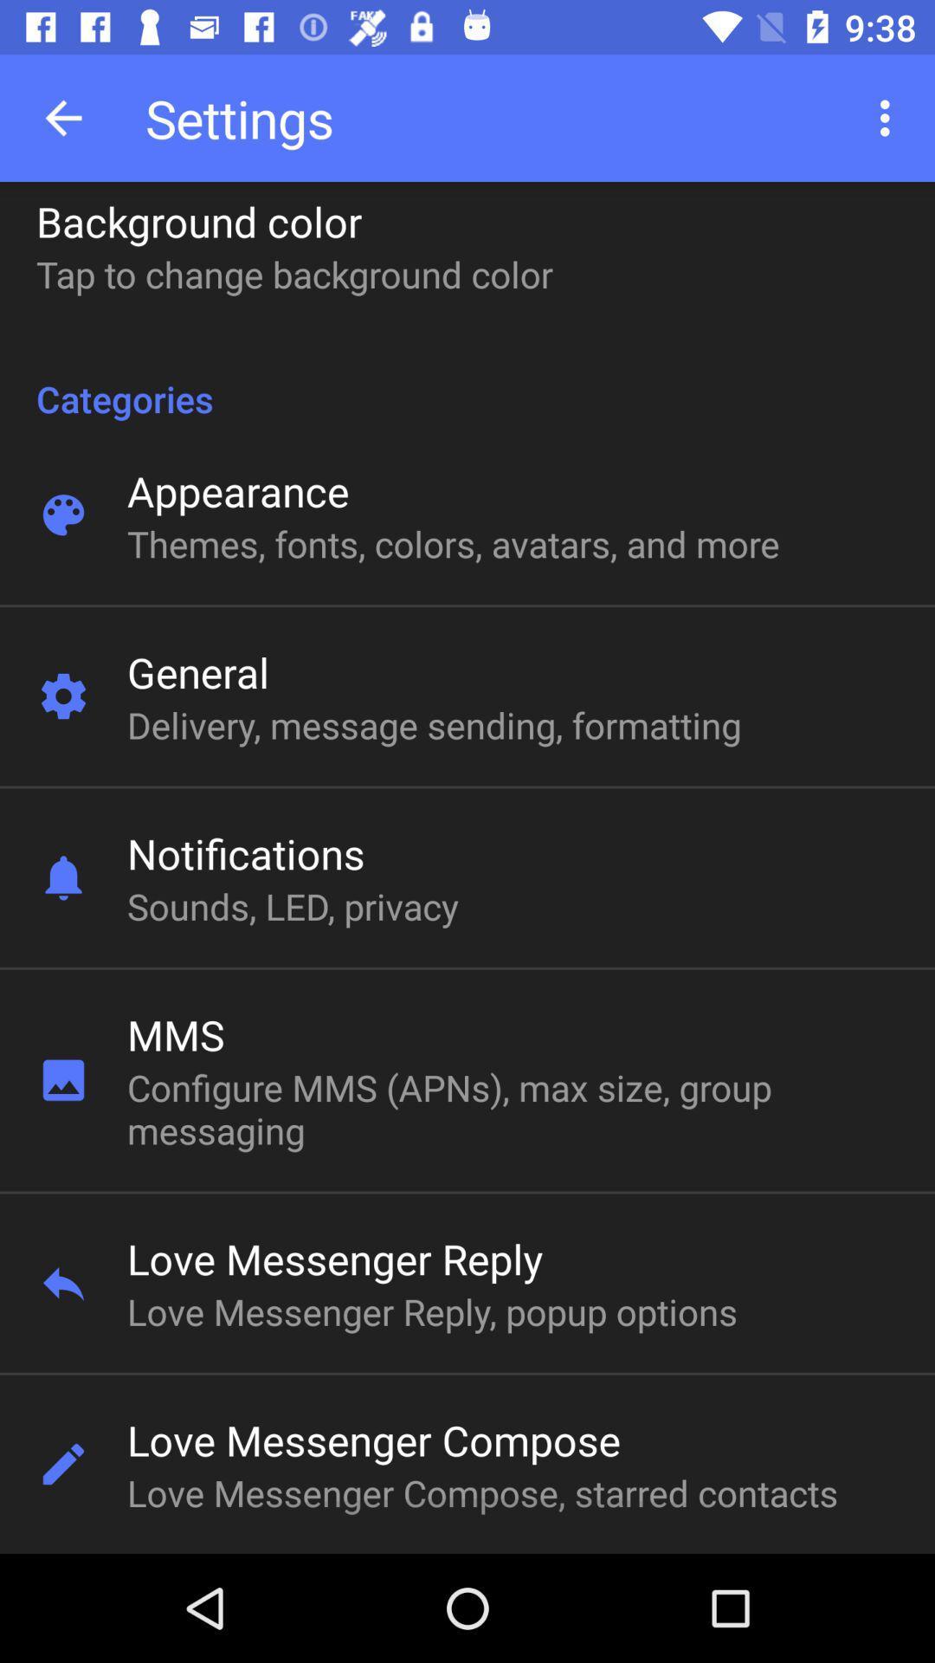 This screenshot has width=935, height=1663. Describe the element at coordinates (292, 905) in the screenshot. I see `sounds, led, privacy item` at that location.